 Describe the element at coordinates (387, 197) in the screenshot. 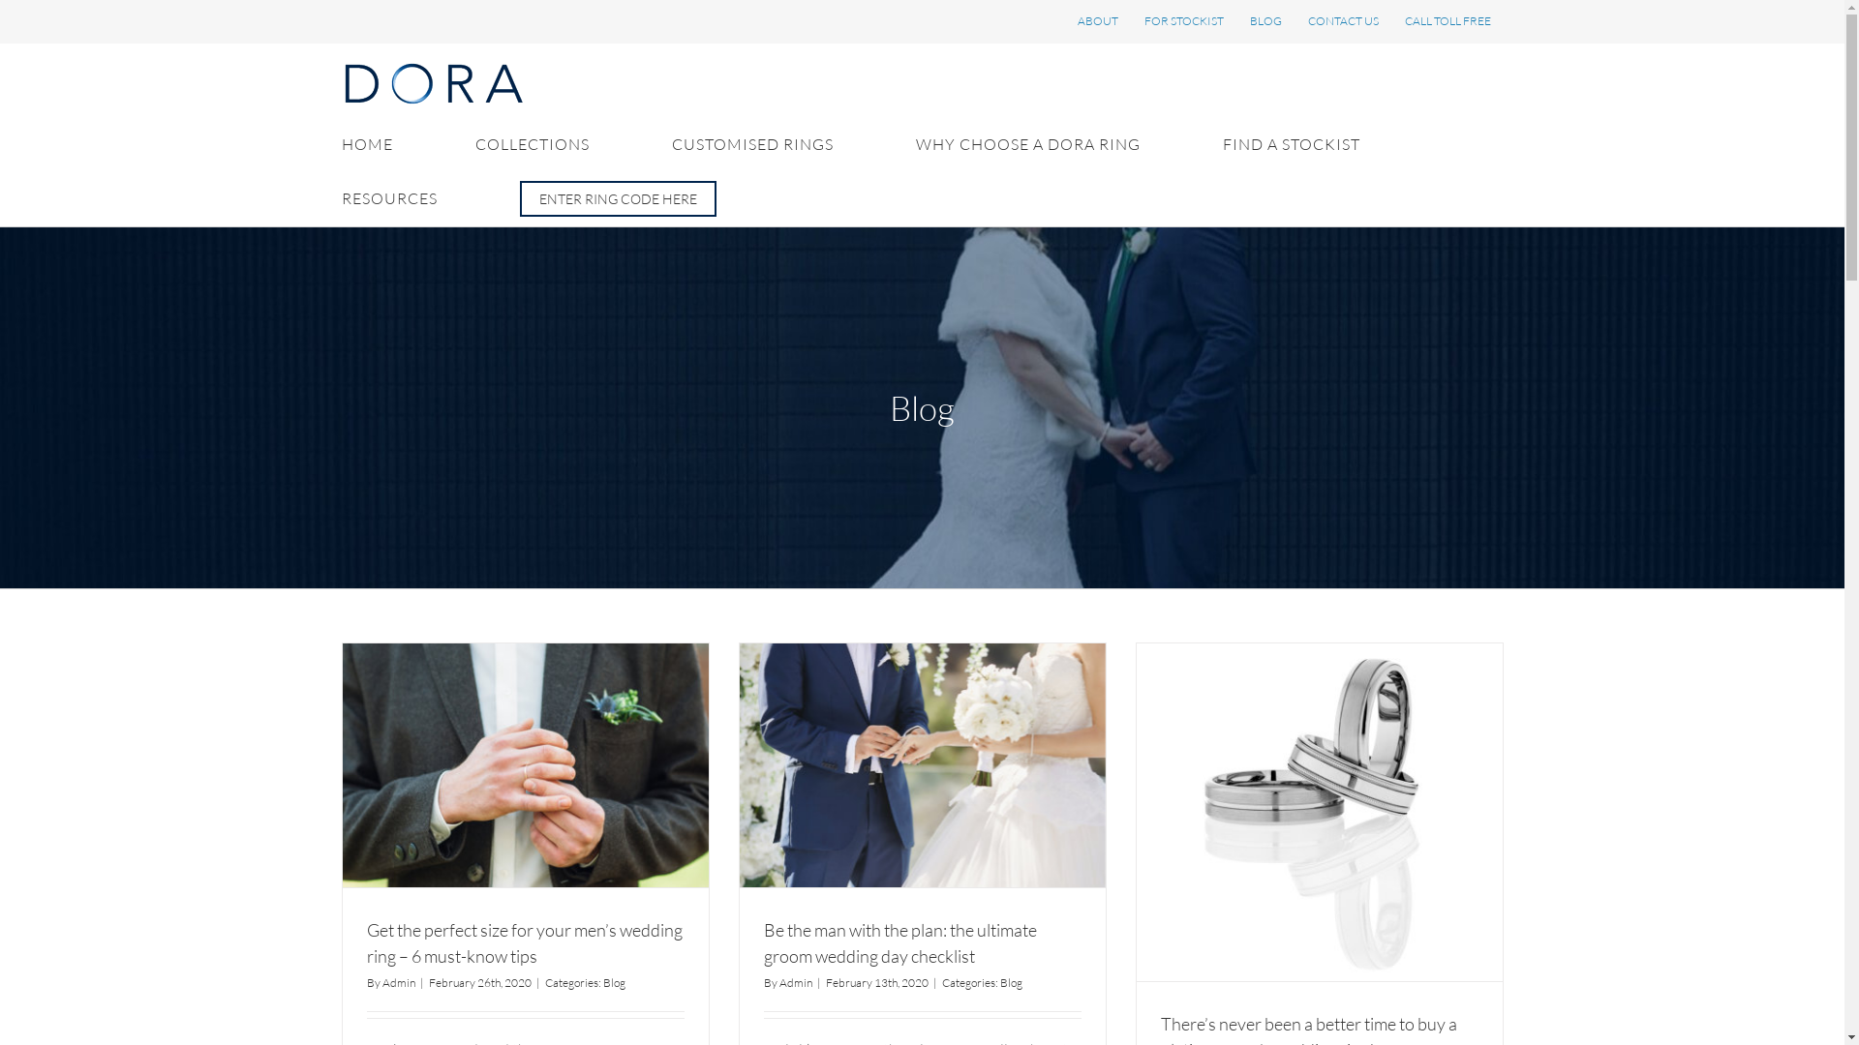

I see `'RESOURCES'` at that location.